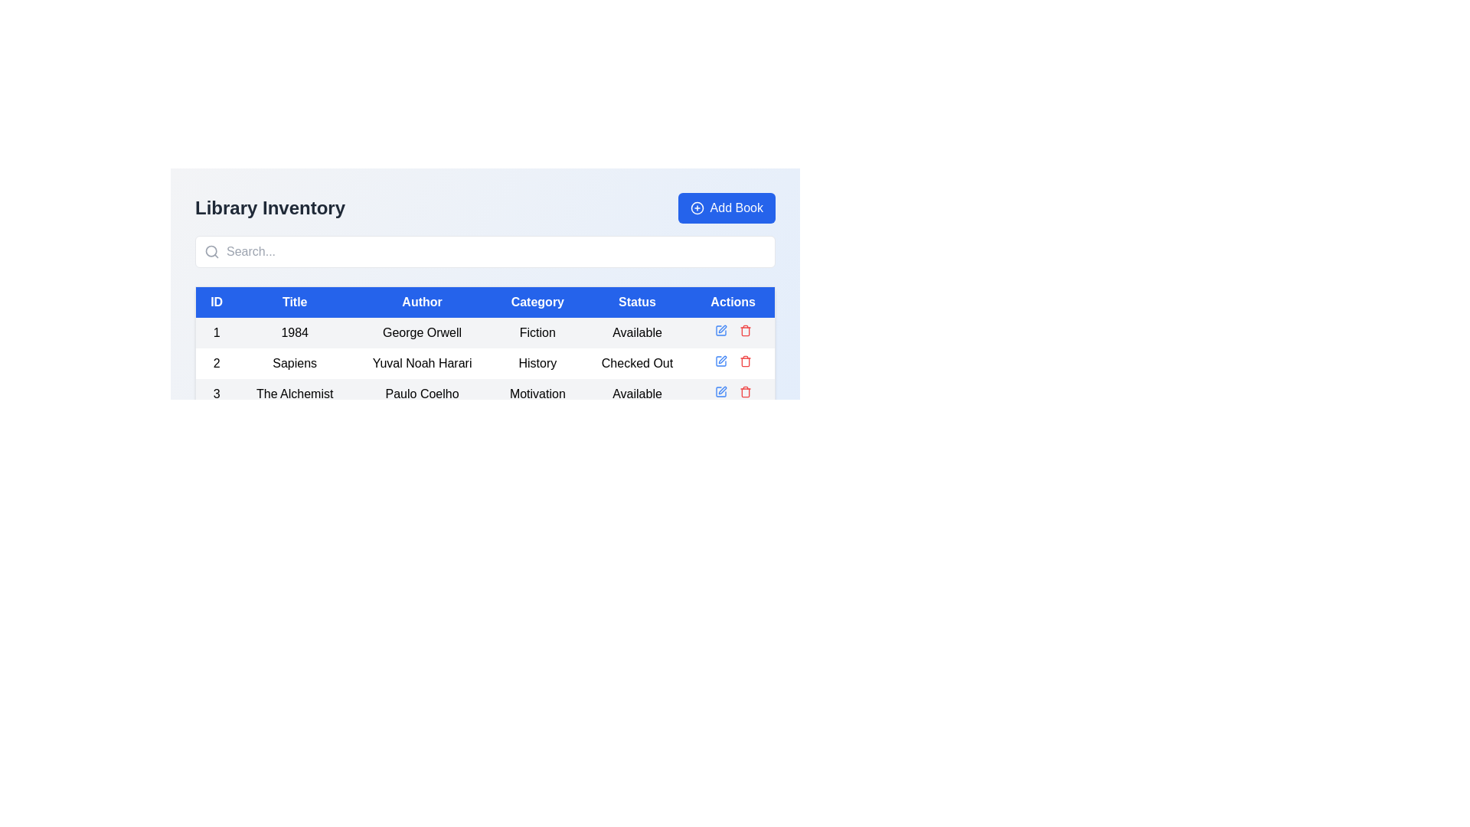  What do you see at coordinates (720, 330) in the screenshot?
I see `the edit button located in the 'Actions' column of the table row to change its appearance` at bounding box center [720, 330].